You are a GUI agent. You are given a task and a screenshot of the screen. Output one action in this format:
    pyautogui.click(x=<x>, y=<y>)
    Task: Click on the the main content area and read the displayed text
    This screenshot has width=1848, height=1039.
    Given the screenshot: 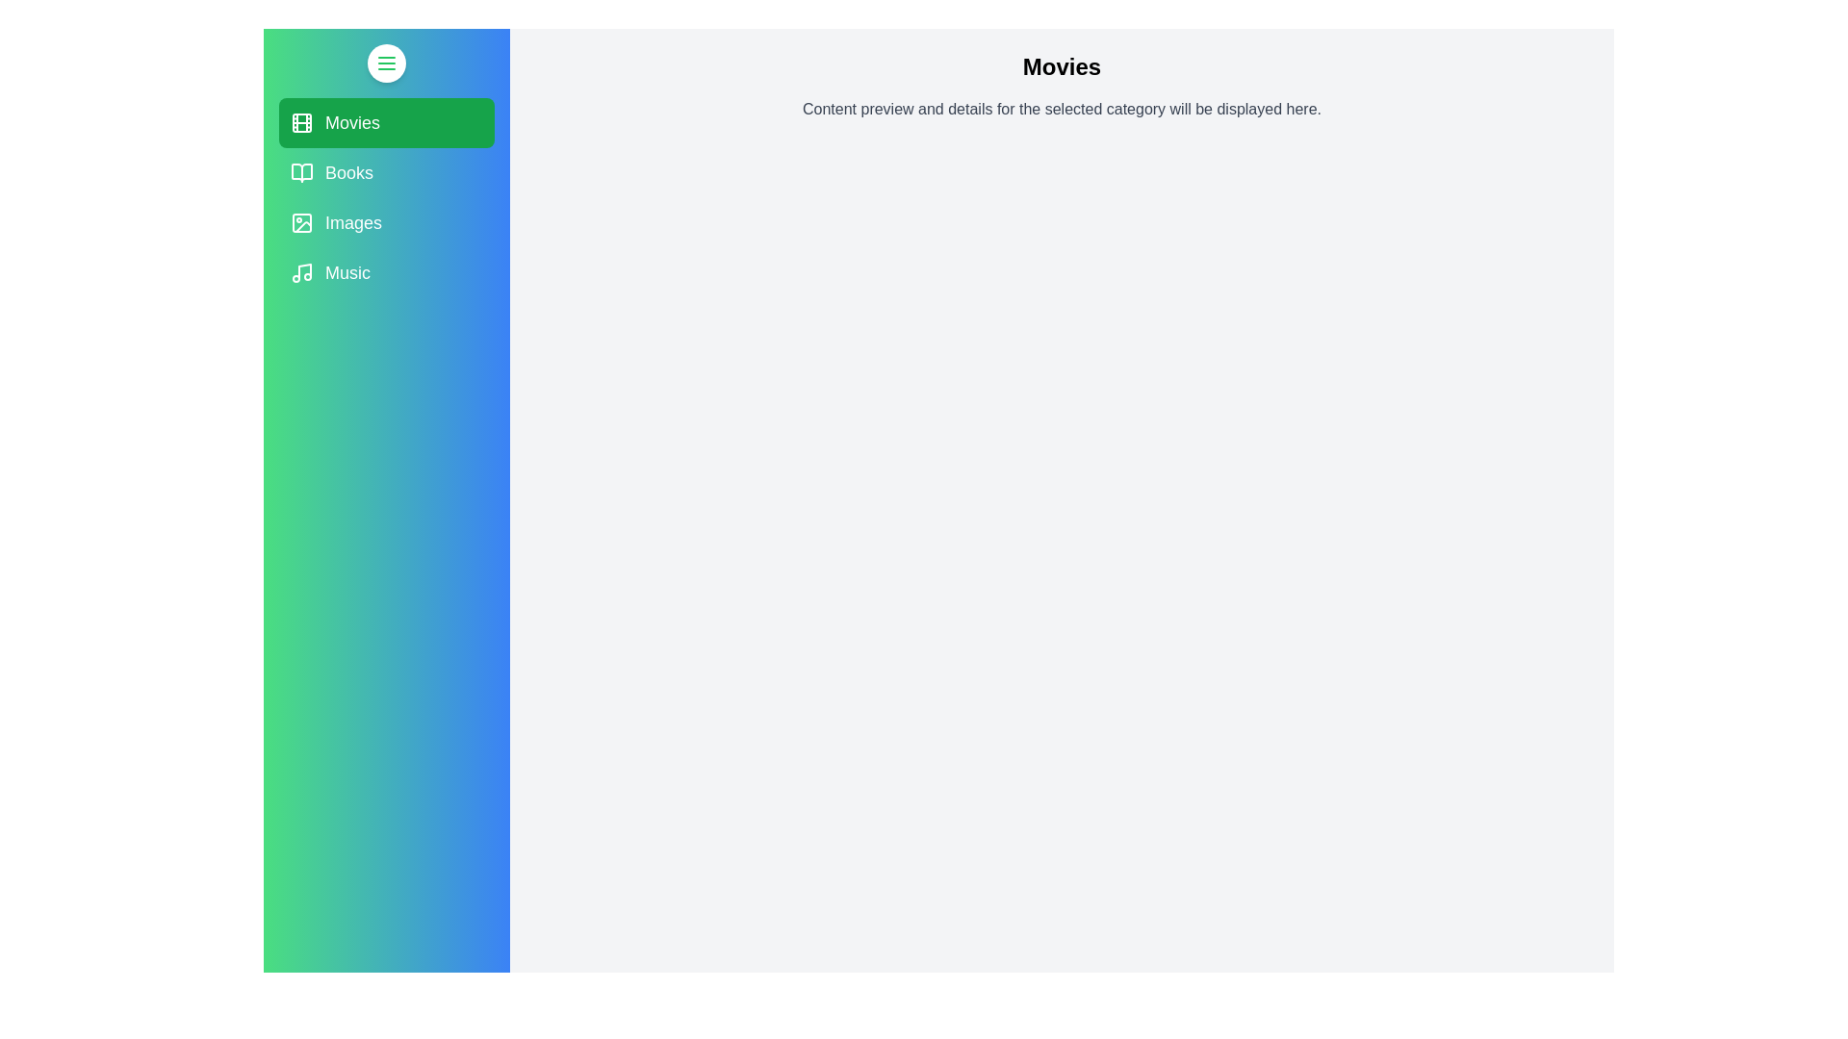 What is the action you would take?
    pyautogui.click(x=1061, y=548)
    